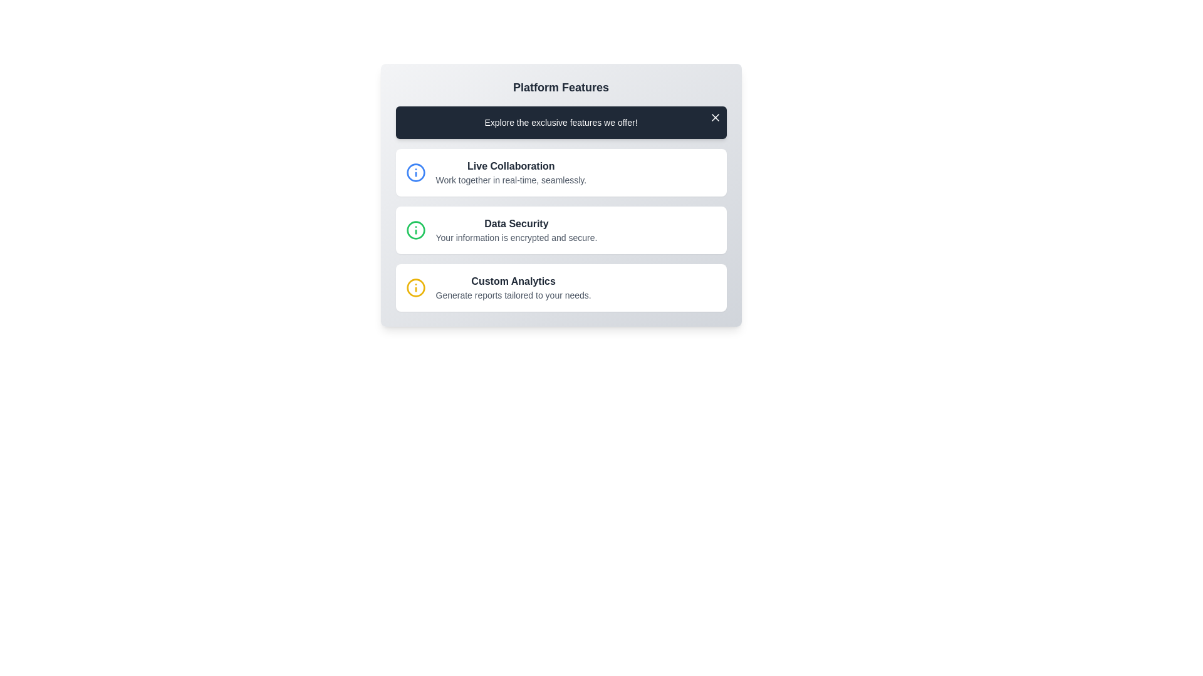 The width and height of the screenshot is (1203, 676). What do you see at coordinates (511, 173) in the screenshot?
I see `descriptive header for the 'Live Collaboration' feature, which is the first item in the vertically stacked list of features under 'Platform Features'` at bounding box center [511, 173].